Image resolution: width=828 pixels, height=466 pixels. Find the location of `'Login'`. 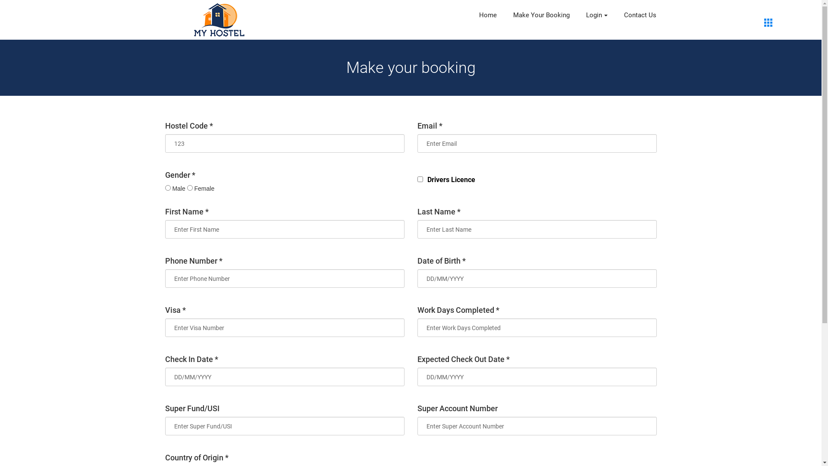

'Login' is located at coordinates (596, 15).